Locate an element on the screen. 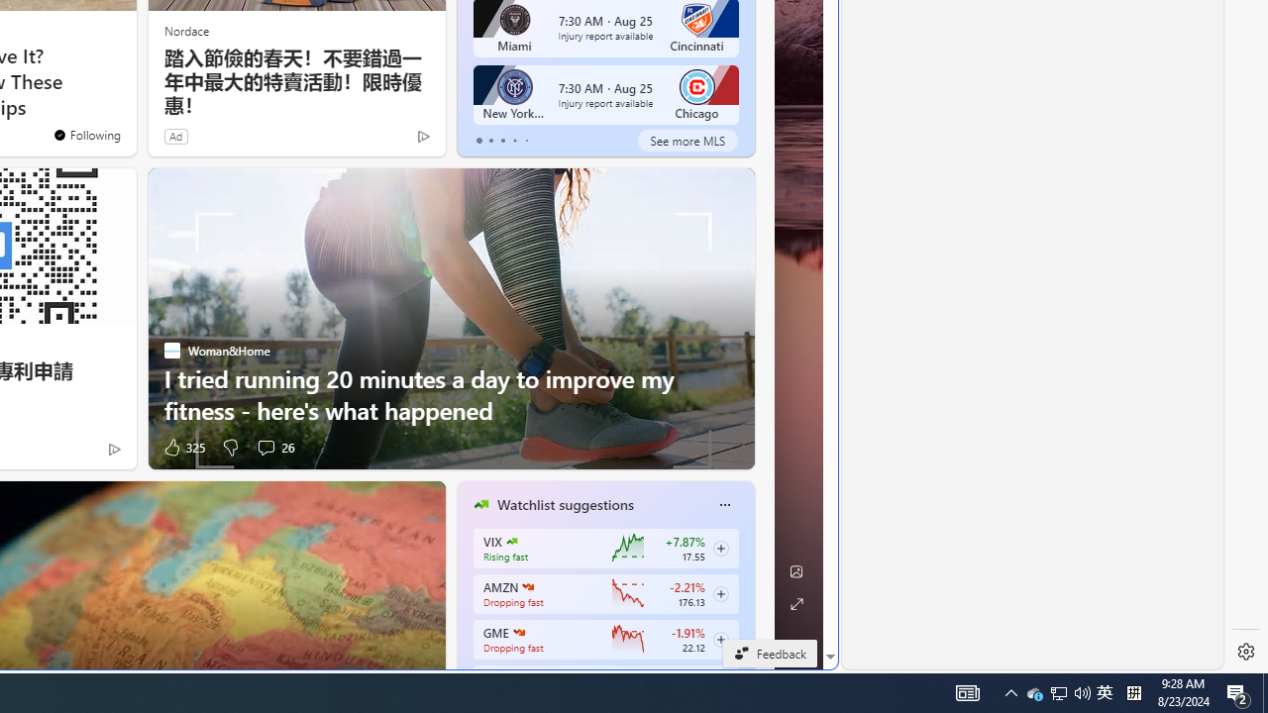  'tab-3' is located at coordinates (514, 140).